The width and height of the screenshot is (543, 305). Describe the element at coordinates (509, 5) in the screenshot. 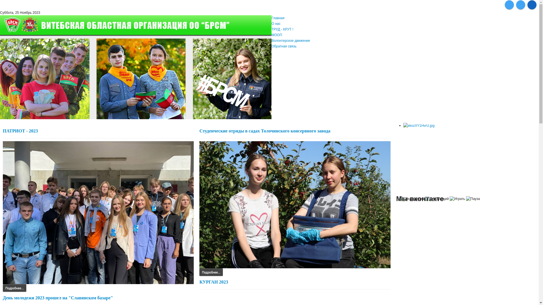

I see `'VK'` at that location.